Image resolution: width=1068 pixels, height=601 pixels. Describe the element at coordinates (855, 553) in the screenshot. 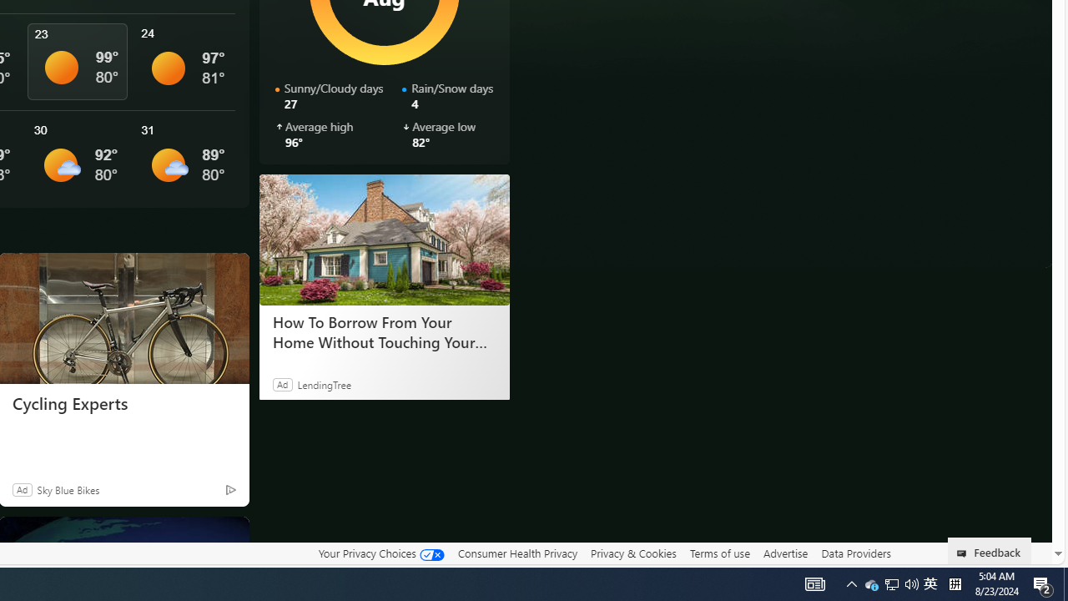

I see `'Data Providers'` at that location.